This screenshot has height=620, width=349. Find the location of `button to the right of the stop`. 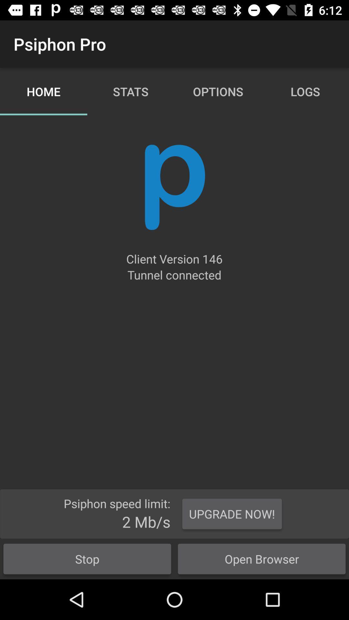

button to the right of the stop is located at coordinates (262, 559).